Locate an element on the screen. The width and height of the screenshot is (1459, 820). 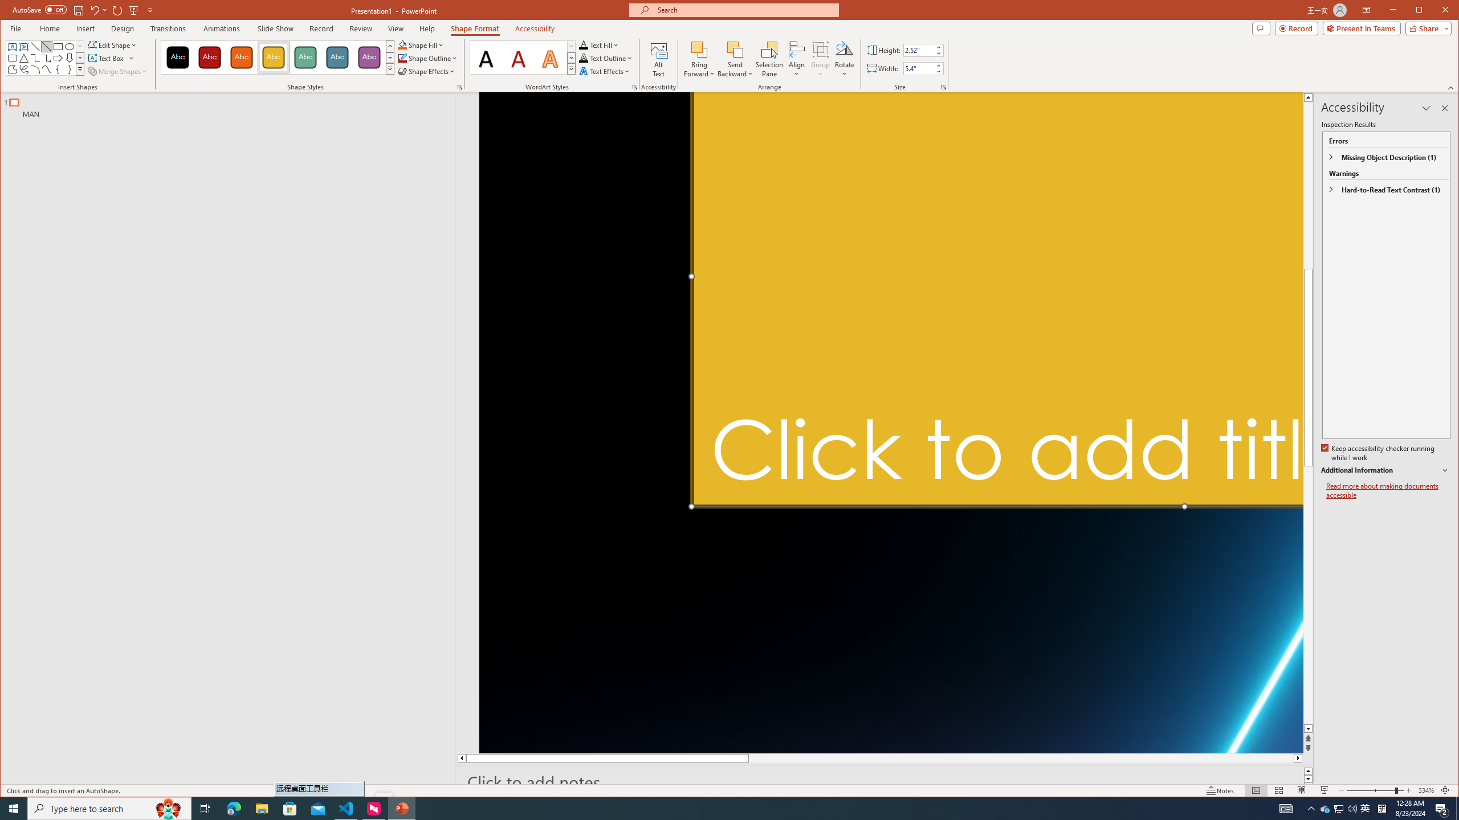
'Read more about making documents accessible' is located at coordinates (1387, 490).